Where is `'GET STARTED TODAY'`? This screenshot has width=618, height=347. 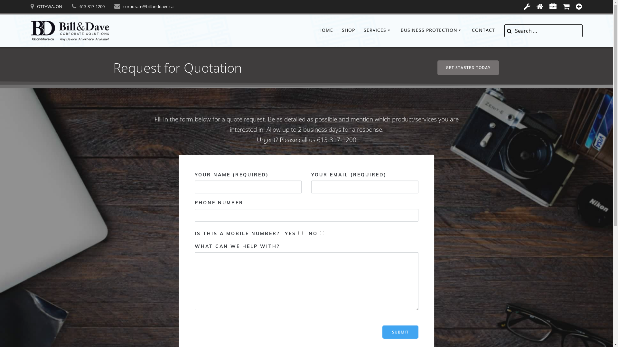
'GET STARTED TODAY' is located at coordinates (437, 68).